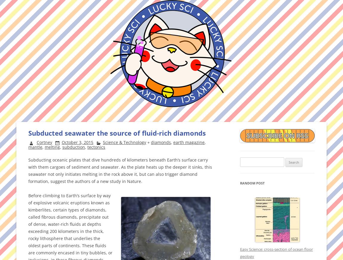 The width and height of the screenshot is (343, 260). What do you see at coordinates (35, 146) in the screenshot?
I see `'mantle'` at bounding box center [35, 146].